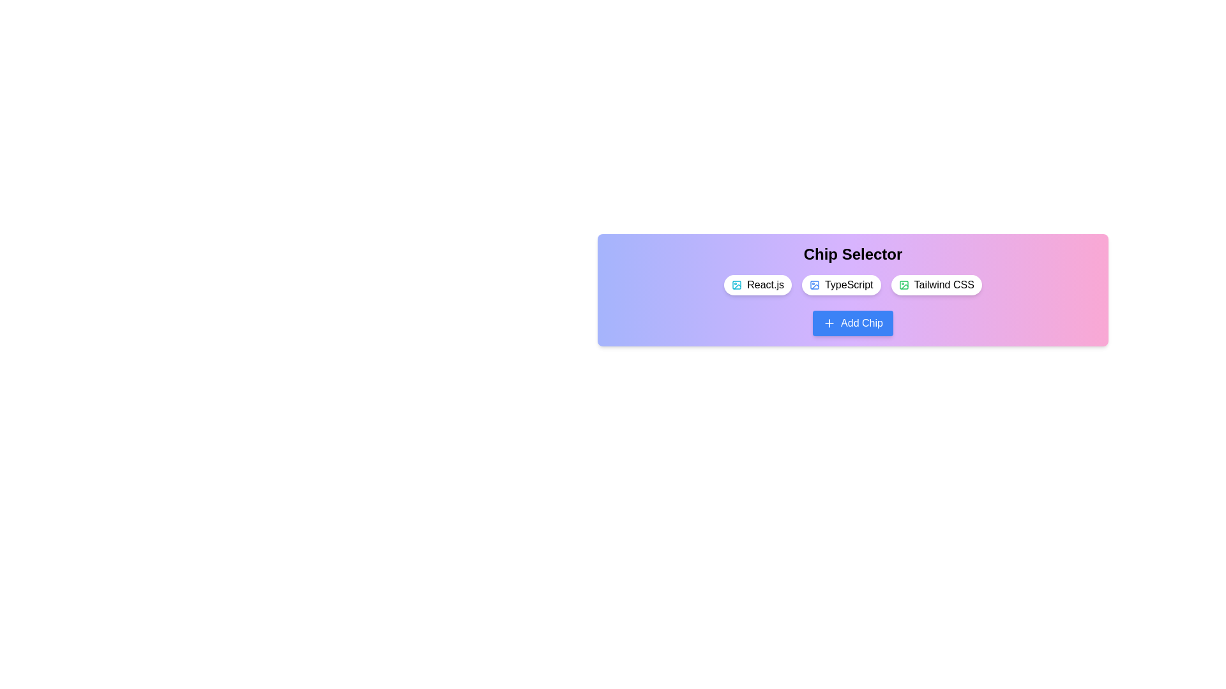 This screenshot has width=1226, height=689. What do you see at coordinates (944, 285) in the screenshot?
I see `the text label that provides information about the 'Tailwind CSS' selection, located inside the third chip from the left in the Chip Selector under the purple-pink gradient box` at bounding box center [944, 285].